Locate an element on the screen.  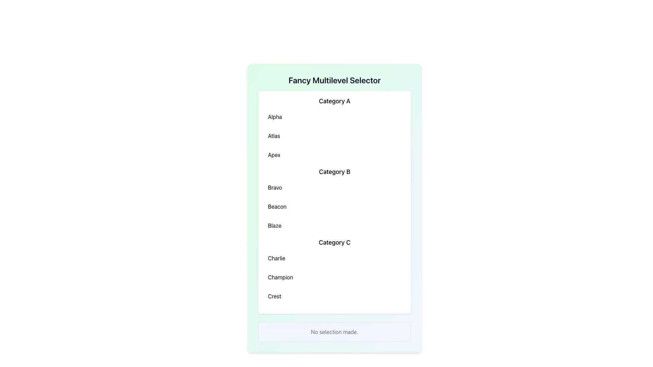
to select the option labeled 'Apex', which is the third item in the list under 'Category A' is located at coordinates (334, 155).